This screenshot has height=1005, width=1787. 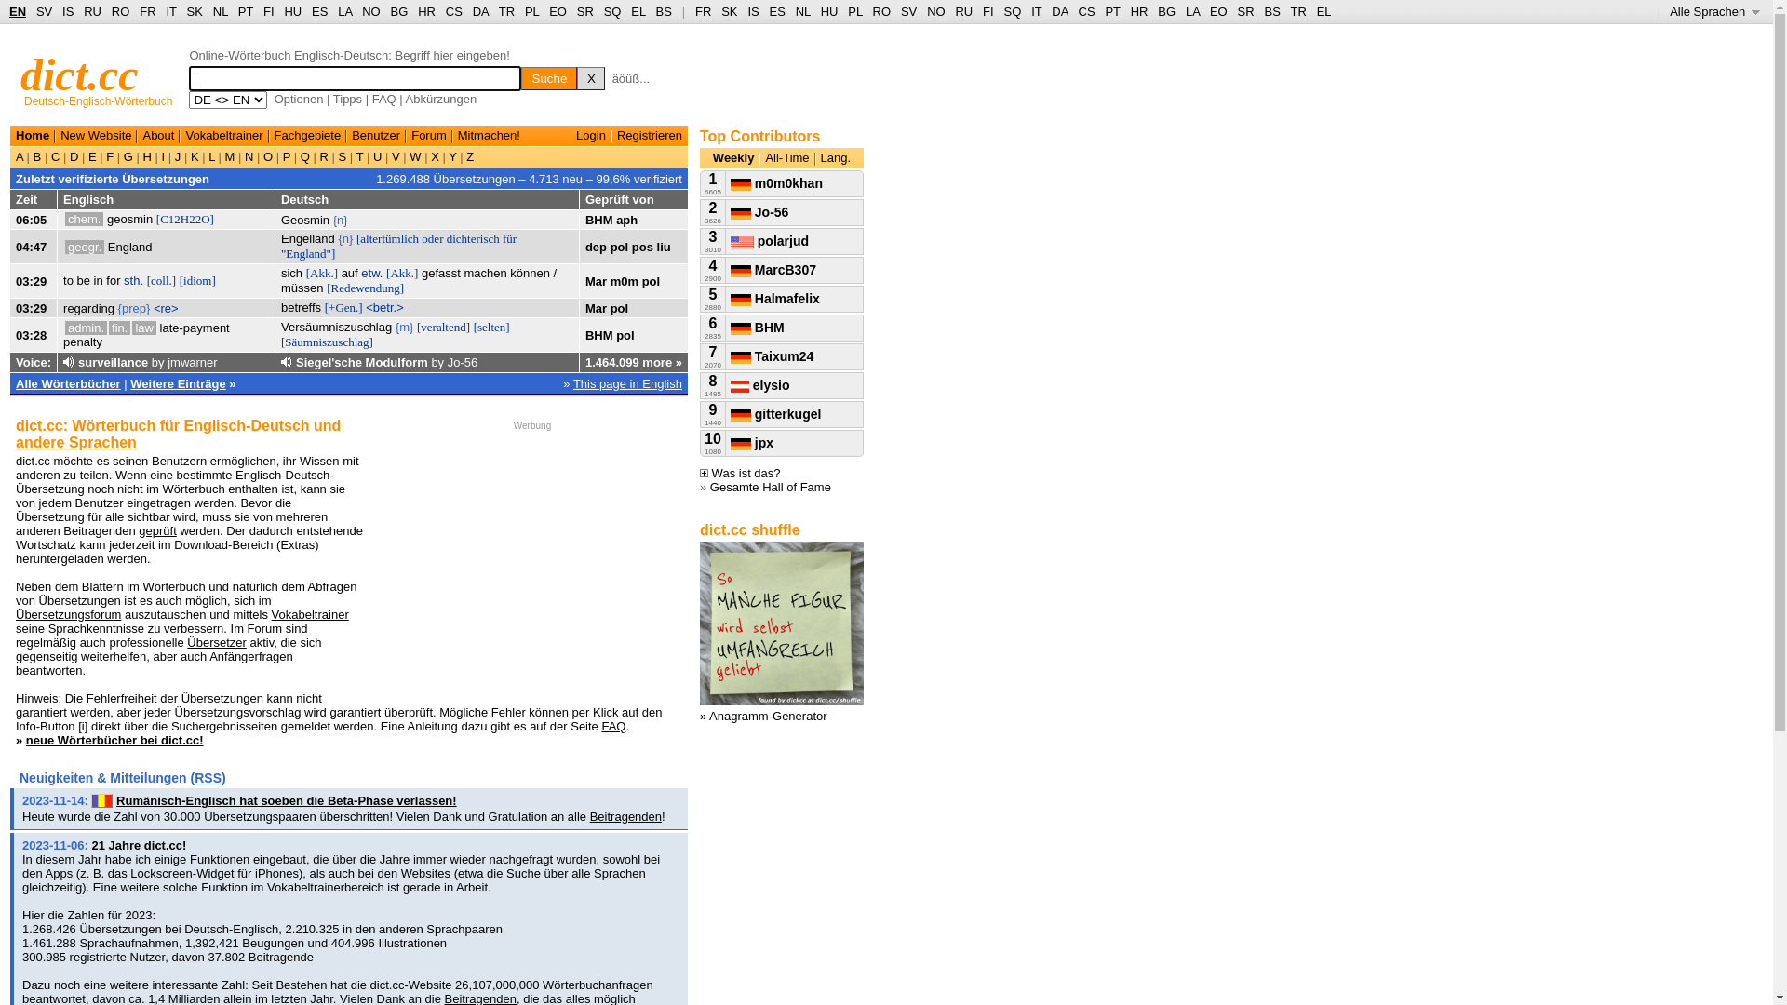 What do you see at coordinates (656, 11) in the screenshot?
I see `'BS'` at bounding box center [656, 11].